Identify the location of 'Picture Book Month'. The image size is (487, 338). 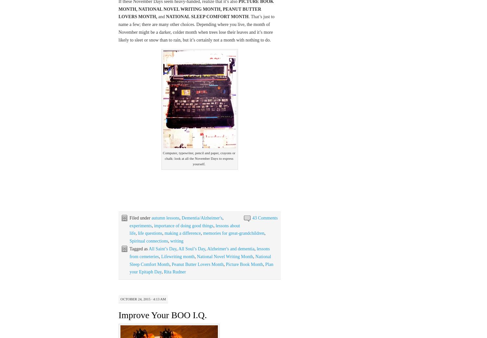
(244, 264).